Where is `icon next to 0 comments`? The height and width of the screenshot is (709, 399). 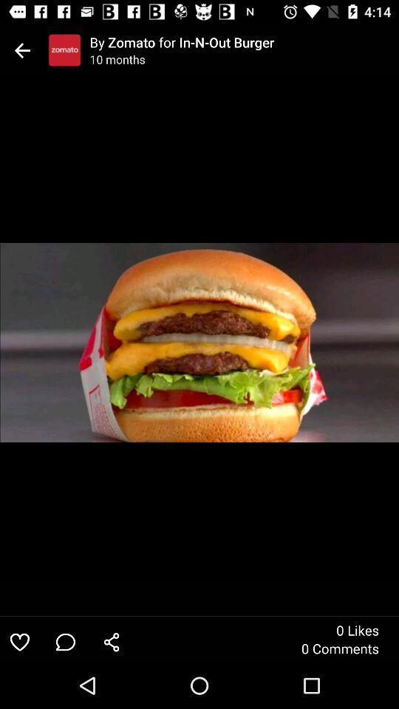
icon next to 0 comments is located at coordinates (111, 641).